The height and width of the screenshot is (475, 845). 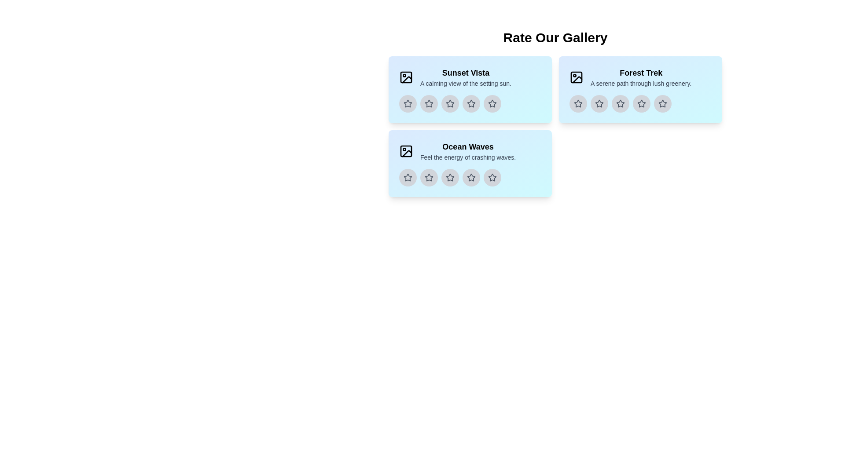 I want to click on the third star icon in the five-star rating system for the 'Ocean Waves' item, so click(x=470, y=178).